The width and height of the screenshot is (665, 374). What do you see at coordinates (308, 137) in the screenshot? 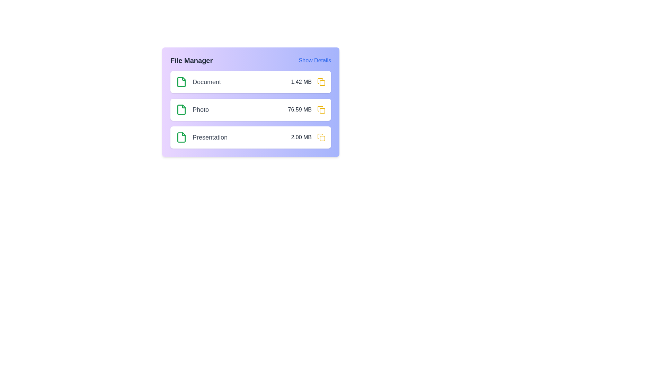
I see `the text label displaying the file size information for the 'Presentation' entry, located at the bottom-most row of the file list interface, next to the yellow folder icon` at bounding box center [308, 137].